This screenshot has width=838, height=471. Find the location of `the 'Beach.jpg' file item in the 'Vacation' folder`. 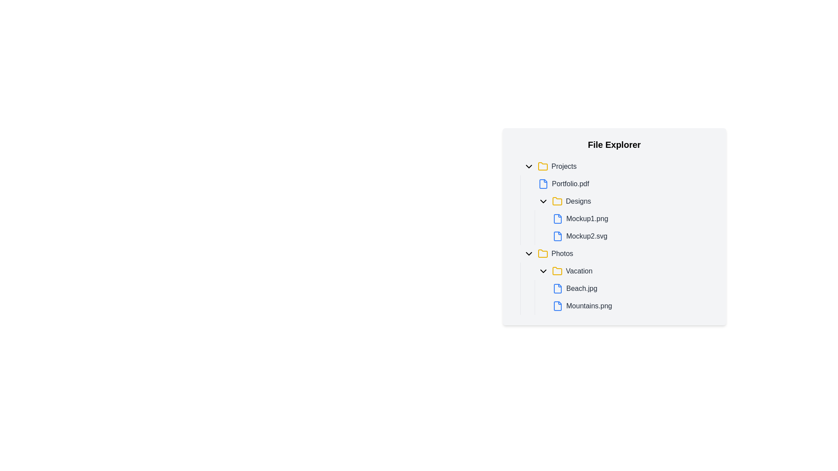

the 'Beach.jpg' file item in the 'Vacation' folder is located at coordinates (632, 289).